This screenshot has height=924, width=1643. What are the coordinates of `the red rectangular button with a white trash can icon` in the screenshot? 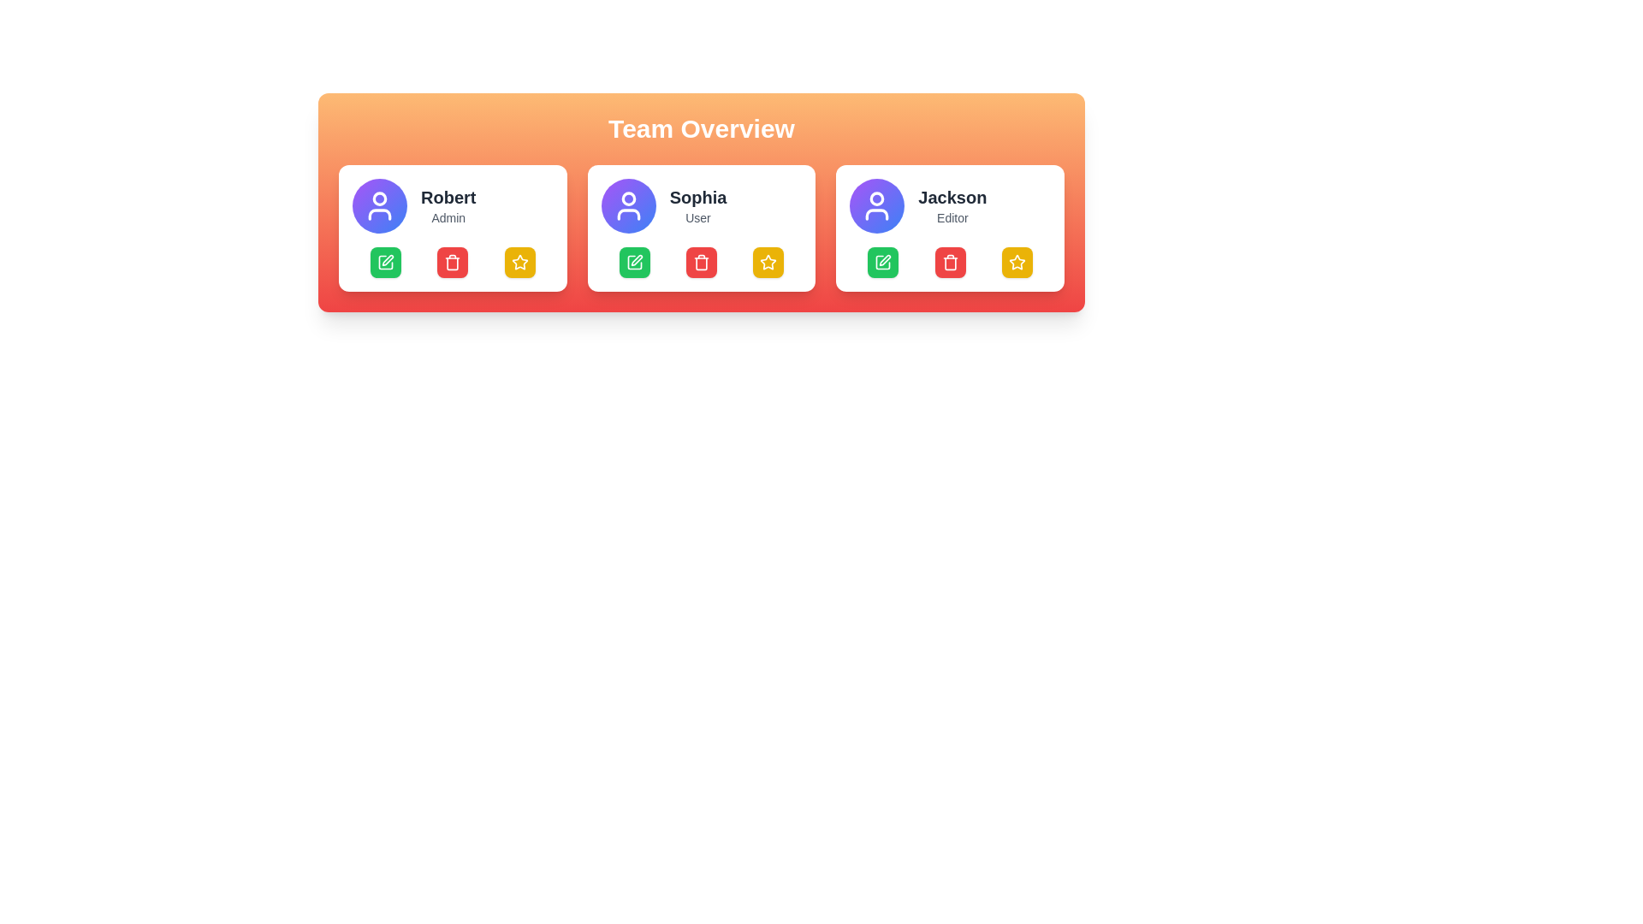 It's located at (949, 263).